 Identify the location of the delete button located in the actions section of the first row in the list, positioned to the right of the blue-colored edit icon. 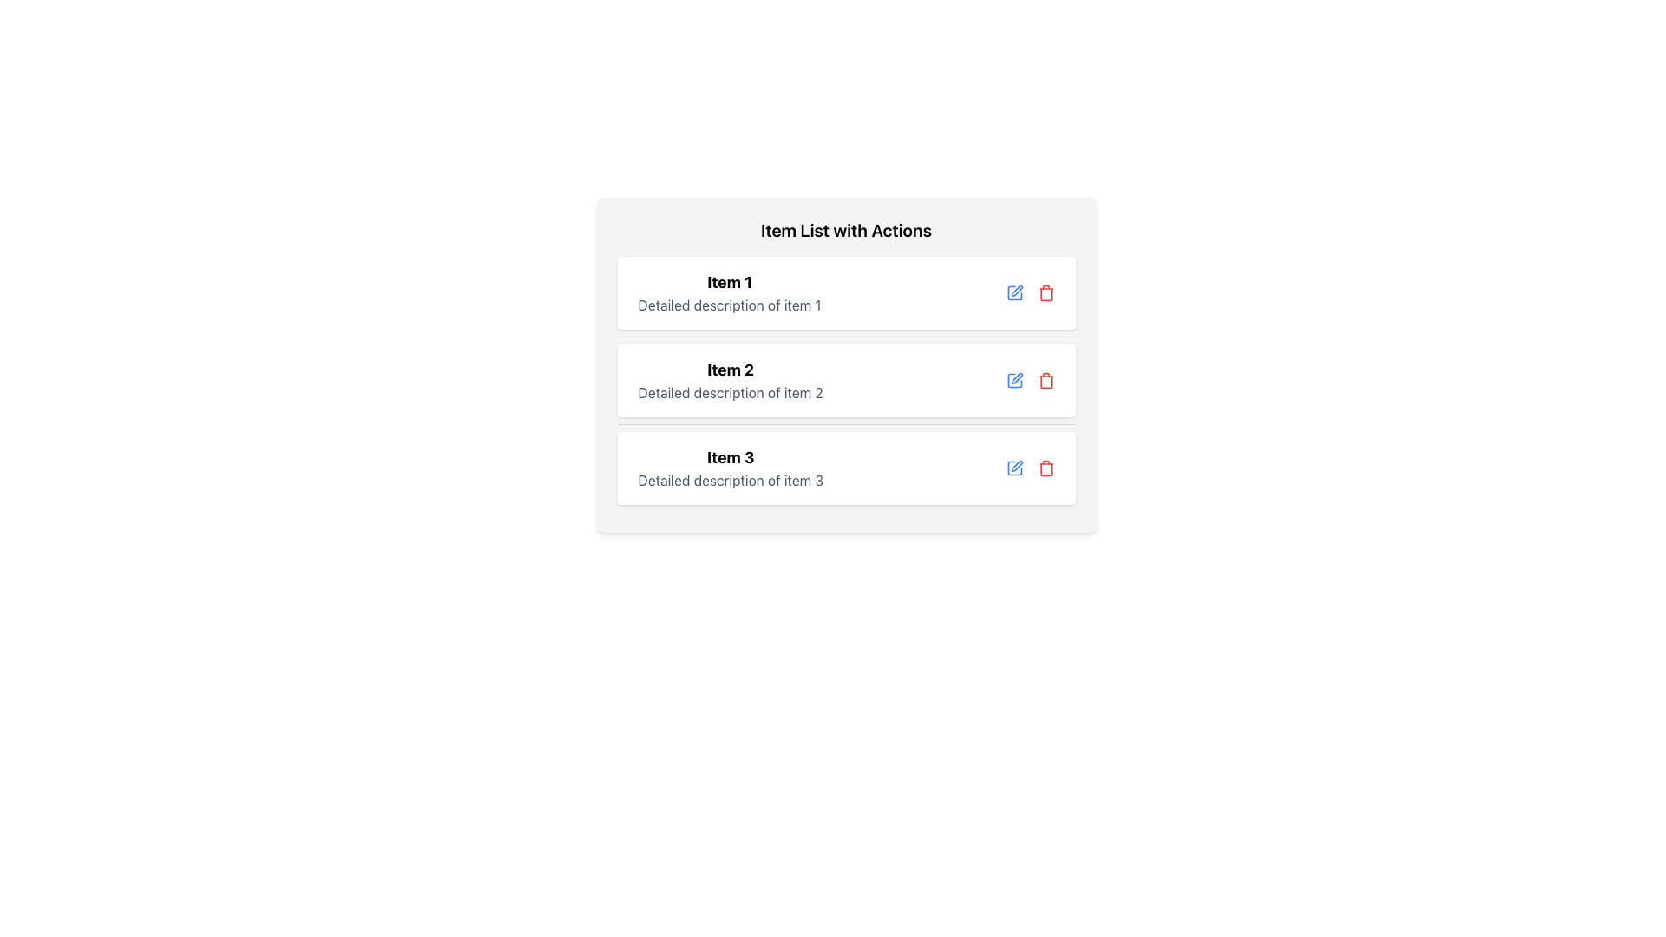
(1045, 292).